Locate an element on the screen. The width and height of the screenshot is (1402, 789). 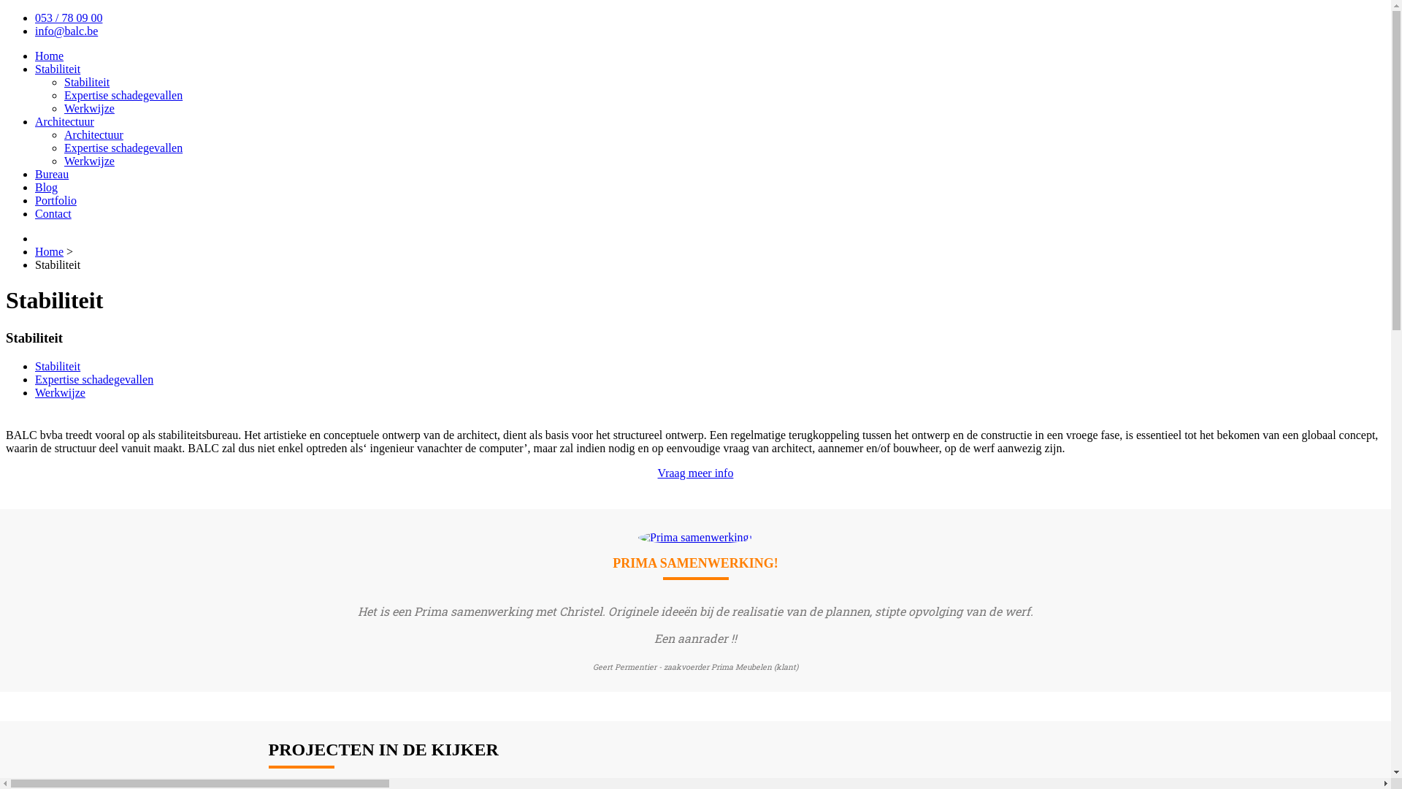
'Lees verder "Prima samenwerking!"' is located at coordinates (637, 537).